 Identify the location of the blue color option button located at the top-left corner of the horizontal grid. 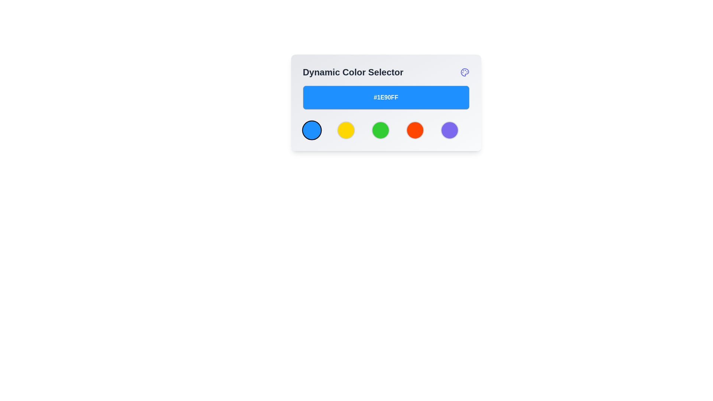
(312, 130).